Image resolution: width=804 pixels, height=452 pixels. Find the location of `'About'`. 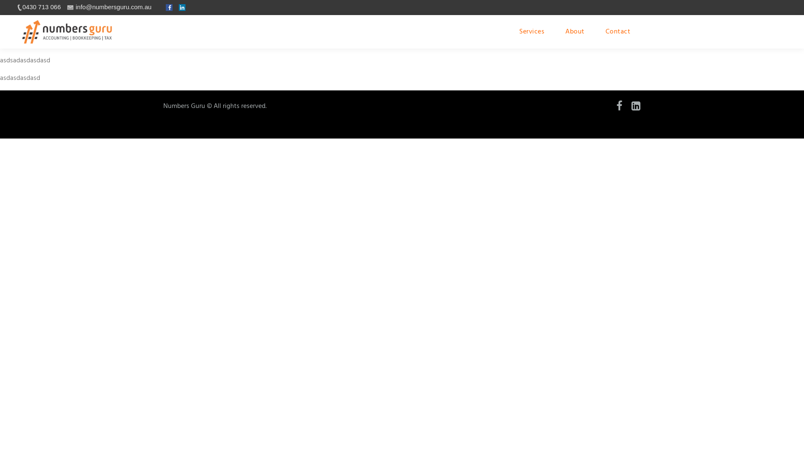

'About' is located at coordinates (574, 31).